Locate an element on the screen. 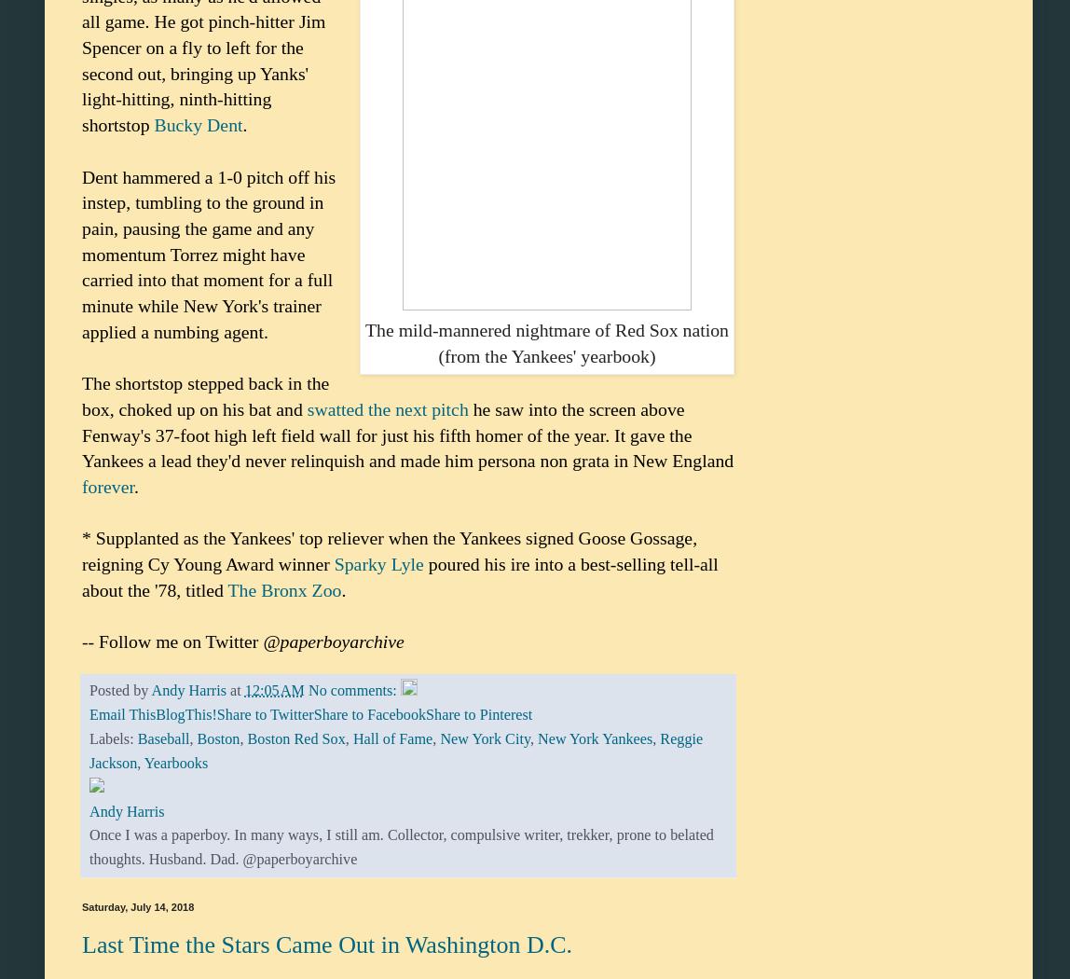 This screenshot has width=1070, height=979. 'New York Yankees' is located at coordinates (595, 738).